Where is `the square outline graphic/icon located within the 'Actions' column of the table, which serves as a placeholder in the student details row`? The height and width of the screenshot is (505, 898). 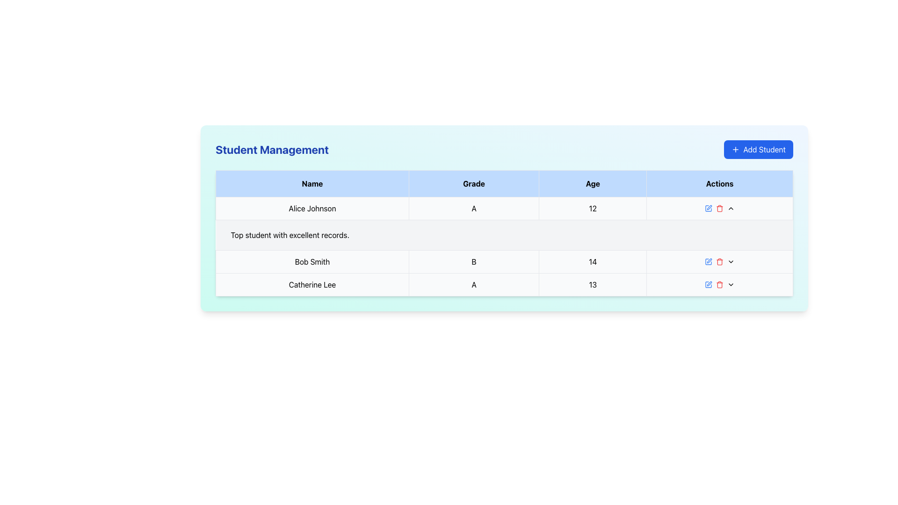
the square outline graphic/icon located within the 'Actions' column of the table, which serves as a placeholder in the student details row is located at coordinates (709, 261).